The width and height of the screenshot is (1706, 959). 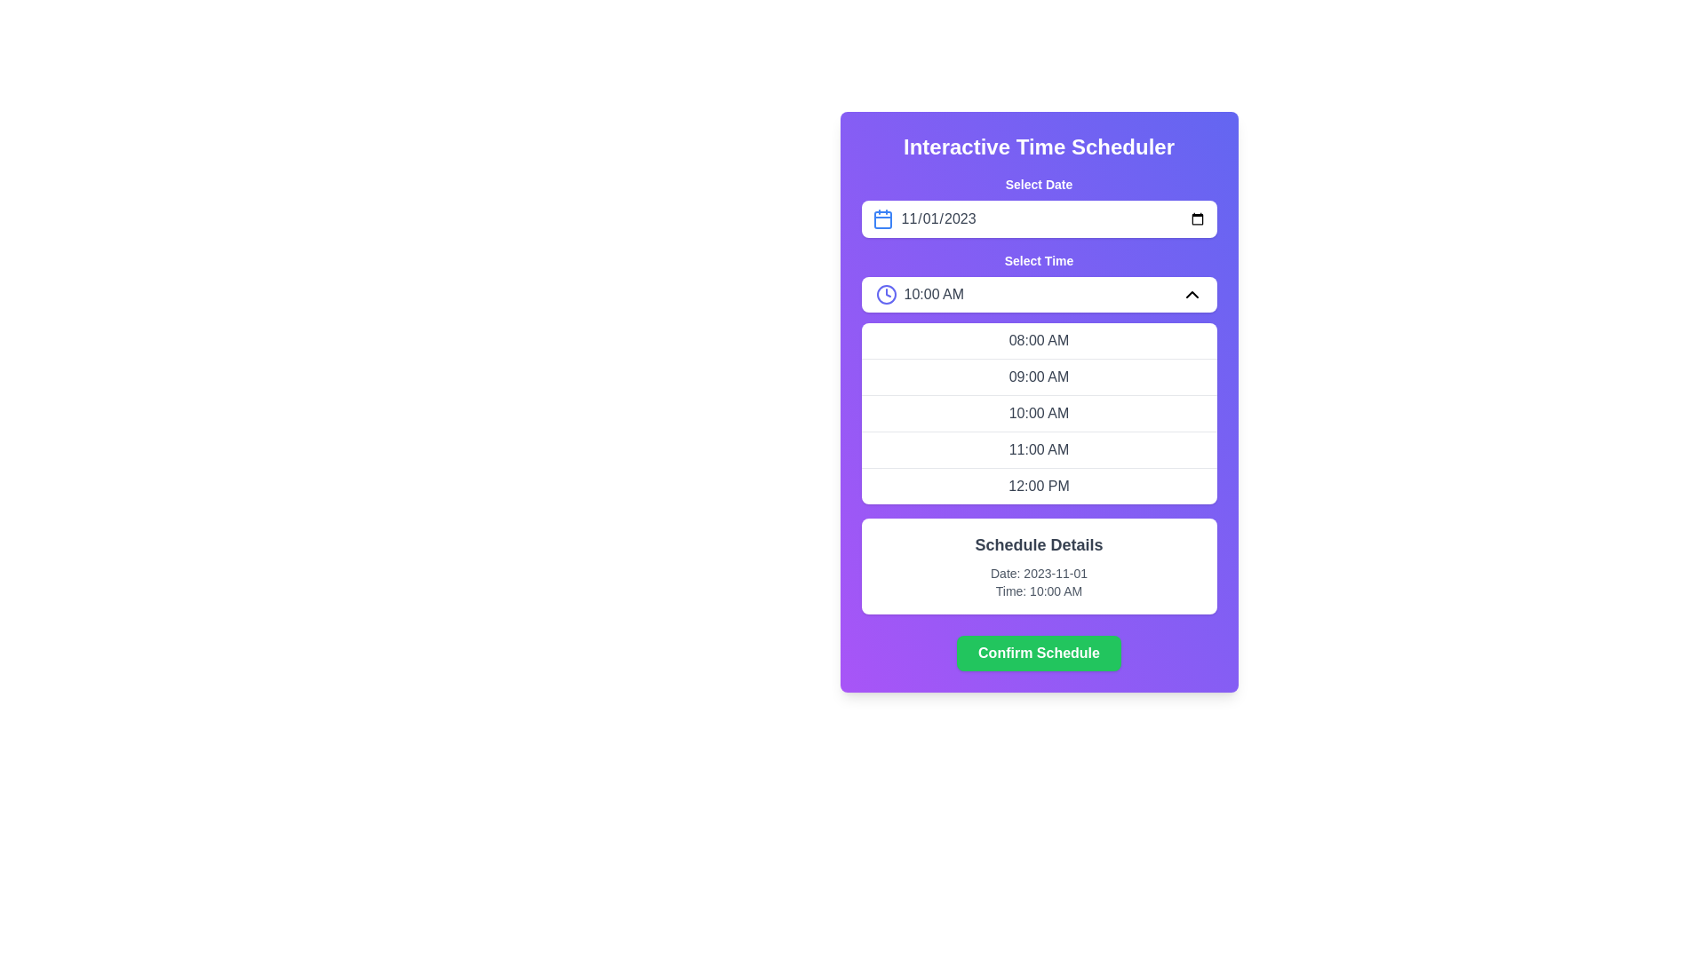 I want to click on the interactive display block containing the purple clock icon and the text '10:00 AM' in the 'Select Time' section, which is located directly below the 'Select Date' input field, so click(x=920, y=293).